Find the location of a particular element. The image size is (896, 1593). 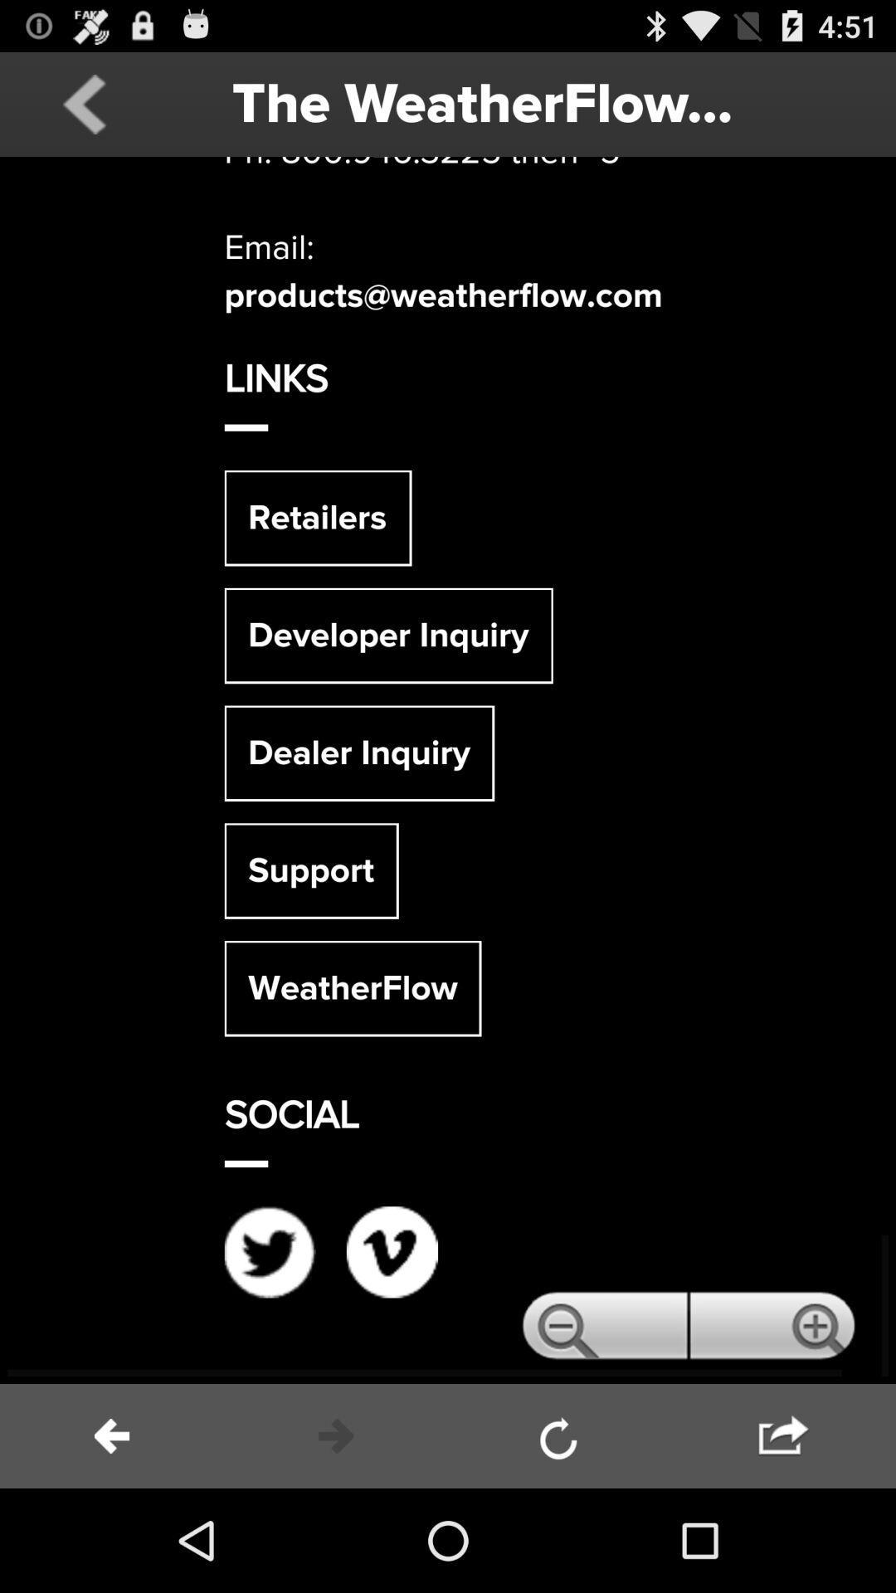

next page is located at coordinates (784, 1435).